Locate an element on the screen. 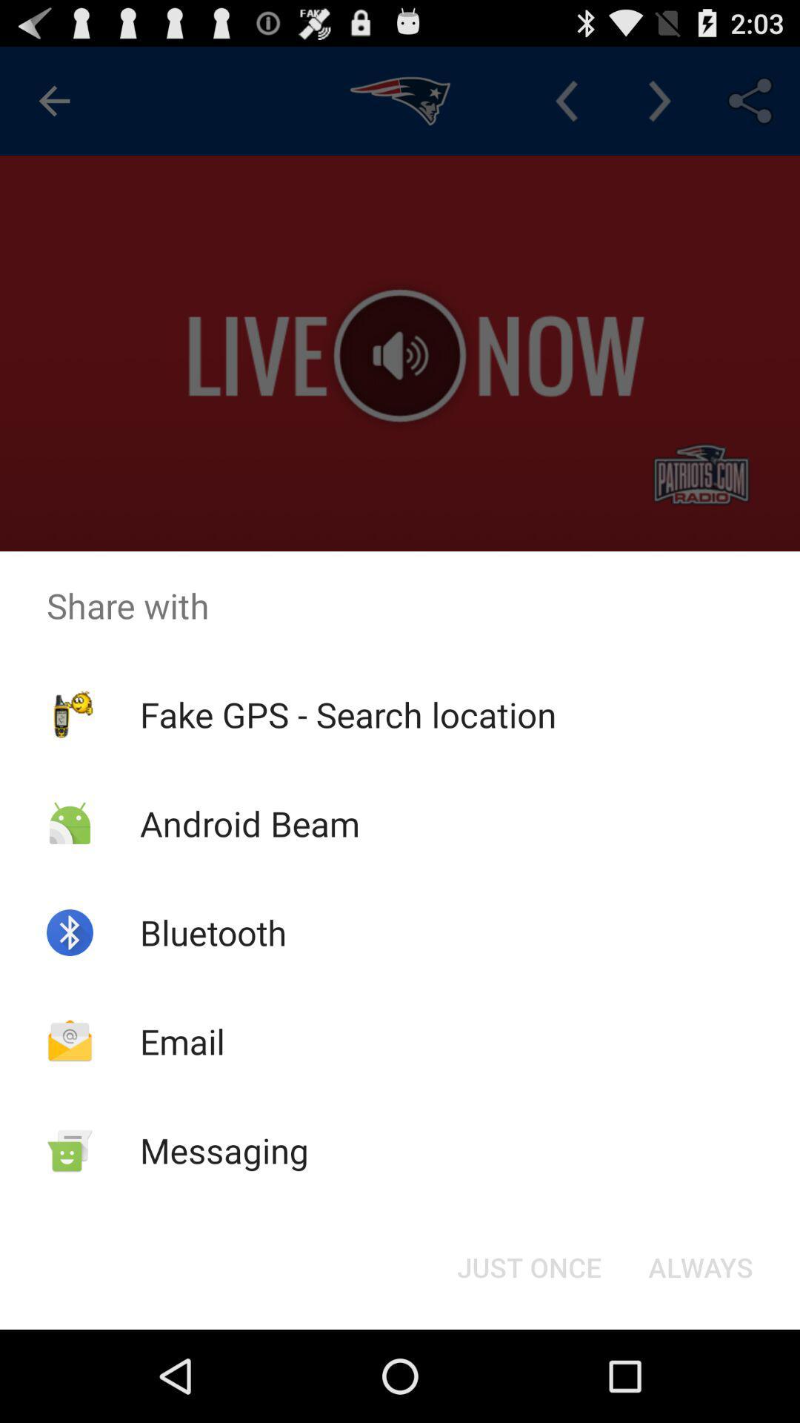 This screenshot has height=1423, width=800. the fake gps search item is located at coordinates (348, 714).